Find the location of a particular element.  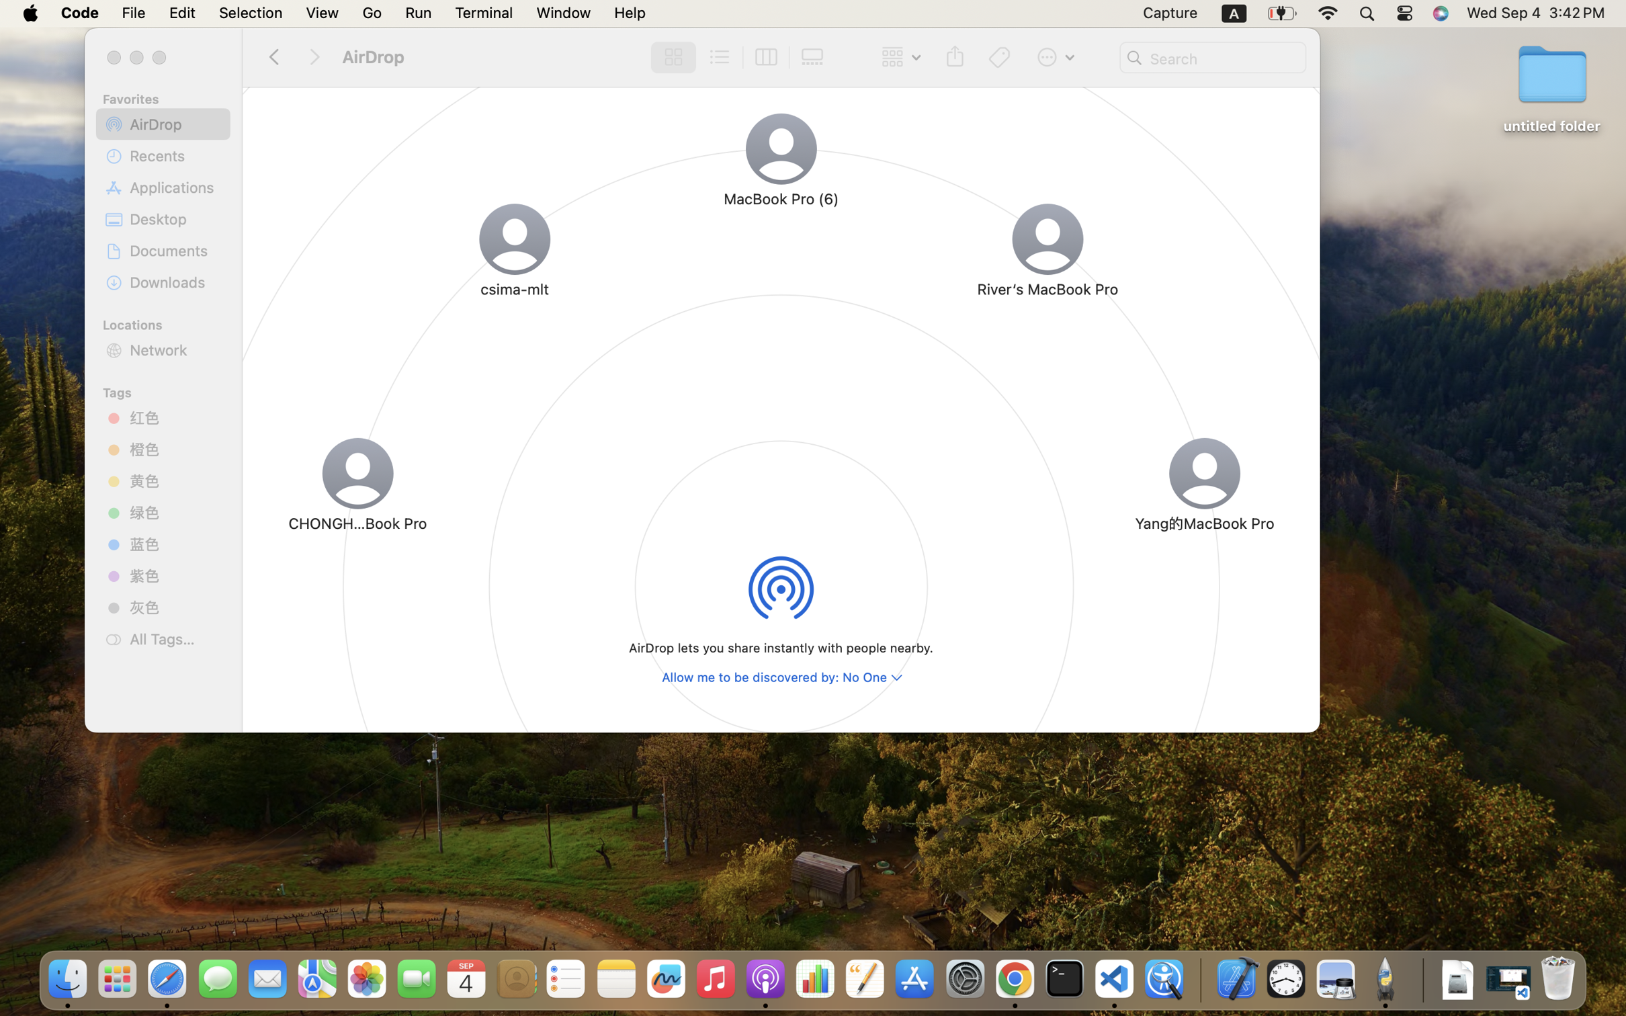

'Recents' is located at coordinates (175, 155).